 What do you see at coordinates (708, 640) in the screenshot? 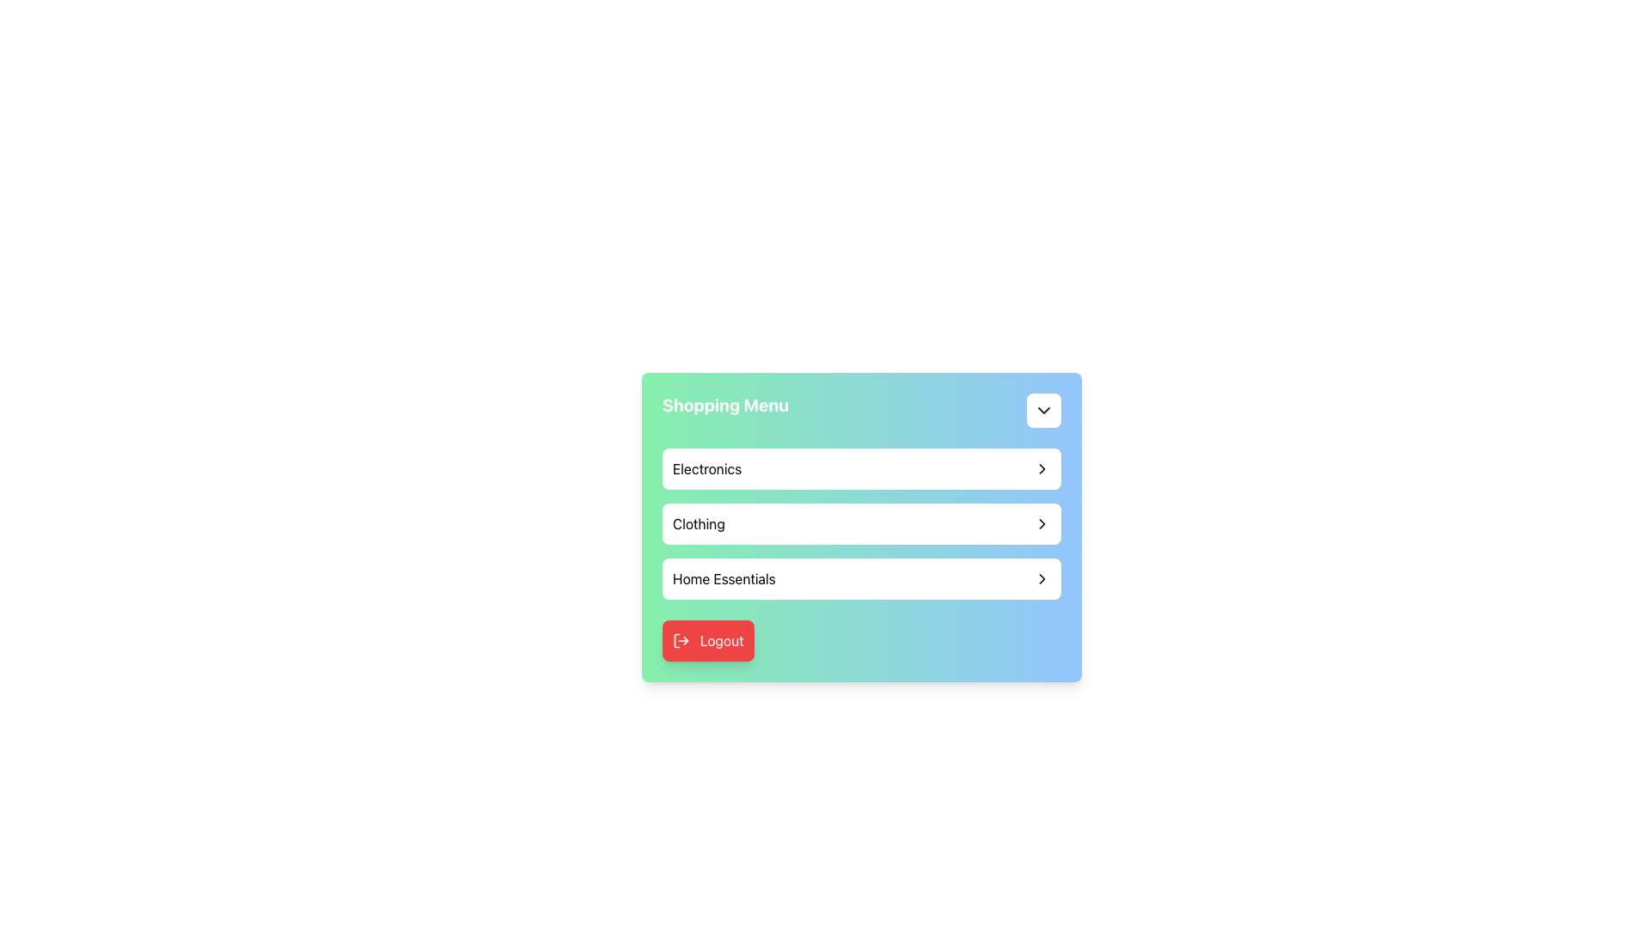
I see `the logout button located at the bottom left corner of the menu interface` at bounding box center [708, 640].